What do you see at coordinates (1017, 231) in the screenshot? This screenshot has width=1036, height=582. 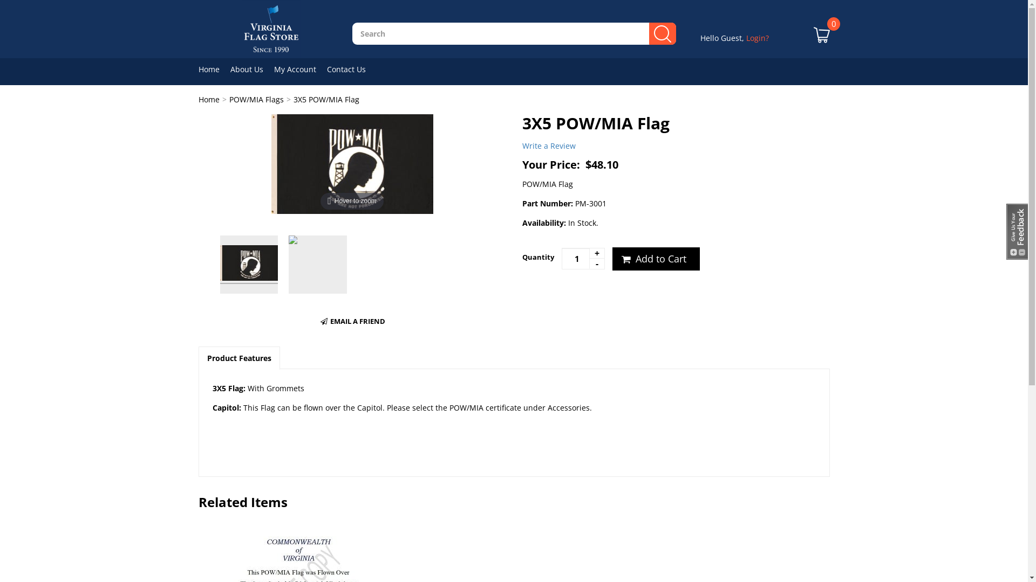 I see `'Feedback'` at bounding box center [1017, 231].